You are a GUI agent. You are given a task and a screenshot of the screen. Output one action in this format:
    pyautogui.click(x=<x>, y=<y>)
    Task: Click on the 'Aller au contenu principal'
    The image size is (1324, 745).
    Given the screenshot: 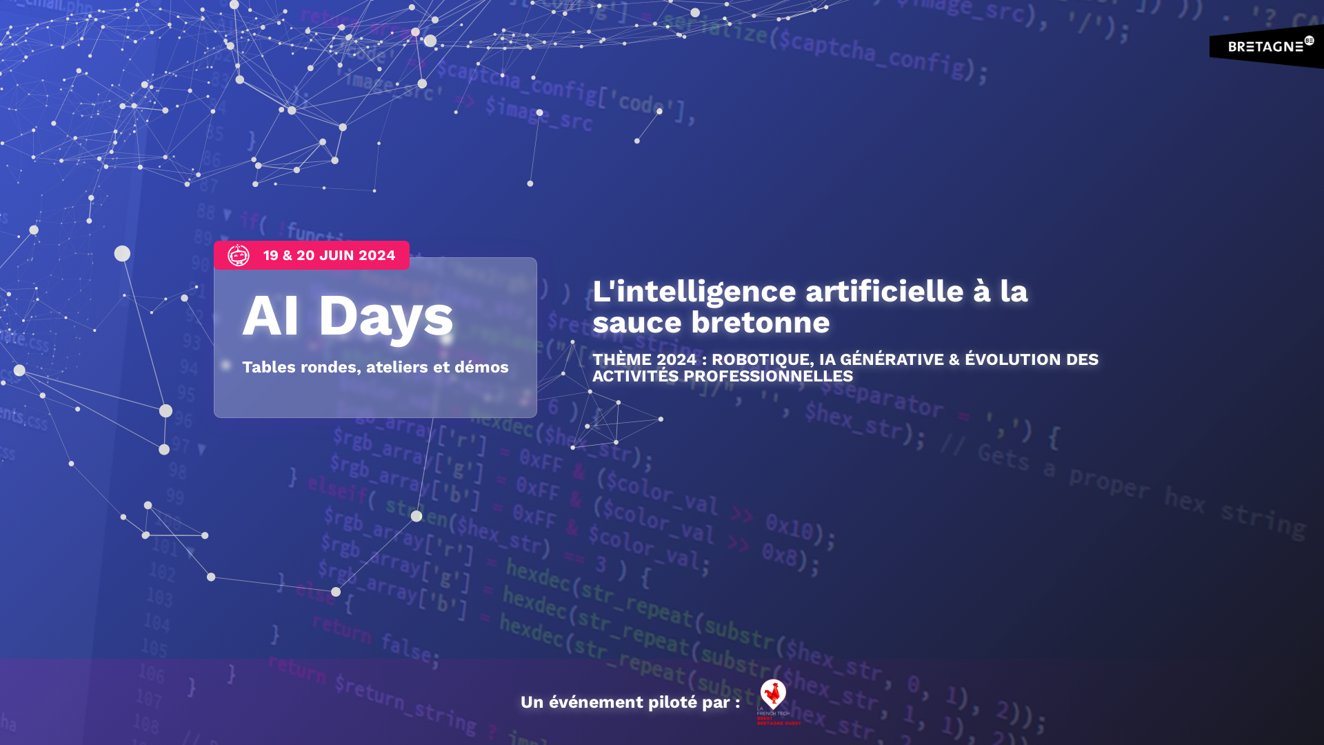 What is the action you would take?
    pyautogui.click(x=0, y=0)
    